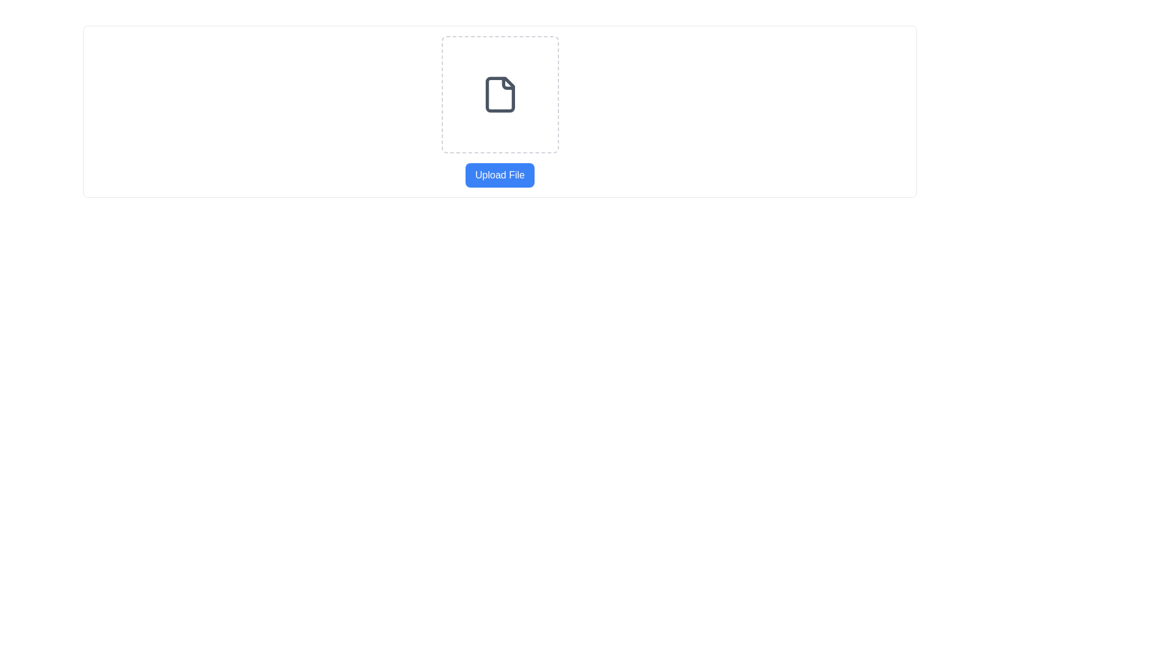 The width and height of the screenshot is (1173, 660). What do you see at coordinates (500, 175) in the screenshot?
I see `the rectangular button labeled 'Upload File' with a blue background` at bounding box center [500, 175].